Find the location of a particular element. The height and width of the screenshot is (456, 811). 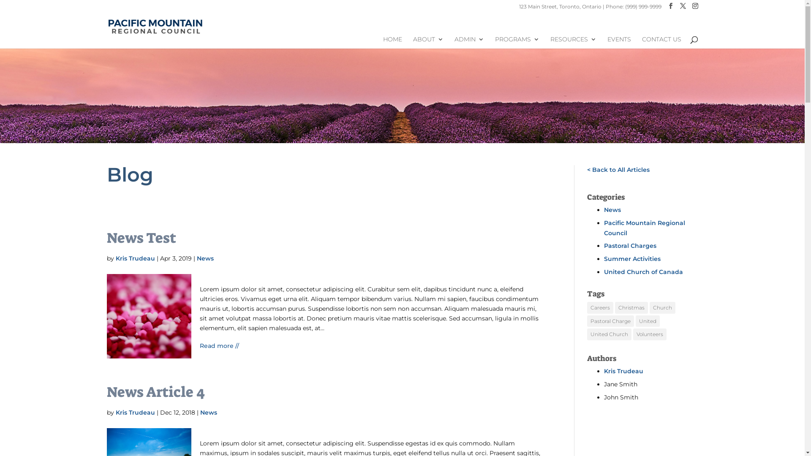

'Volunteers' is located at coordinates (649, 334).